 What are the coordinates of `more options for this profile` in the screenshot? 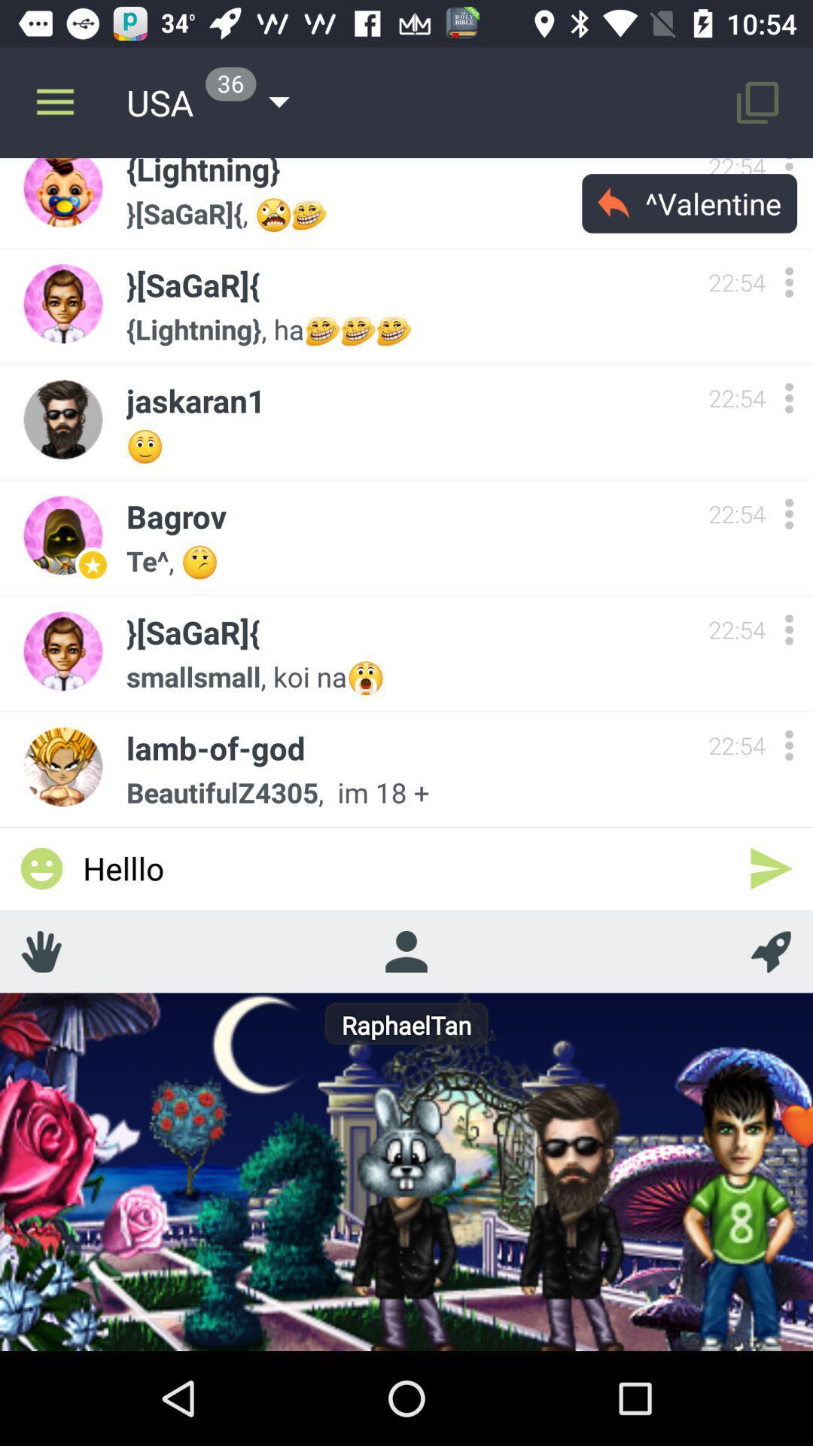 It's located at (788, 745).